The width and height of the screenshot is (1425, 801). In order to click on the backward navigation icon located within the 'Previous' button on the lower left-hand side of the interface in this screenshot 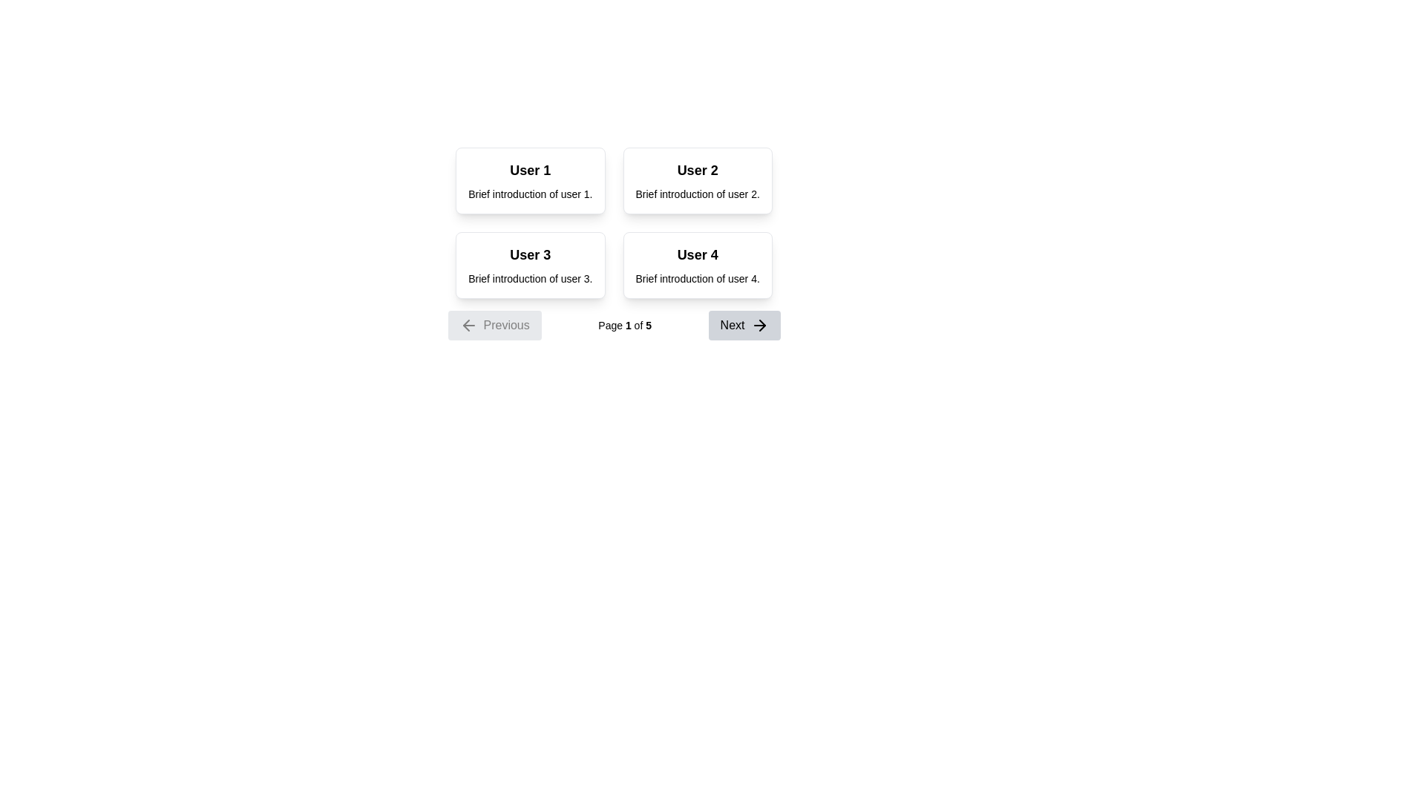, I will do `click(465, 325)`.